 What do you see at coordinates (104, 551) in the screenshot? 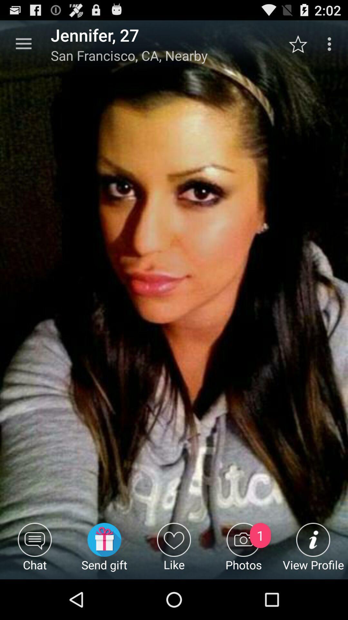
I see `the send gift icon` at bounding box center [104, 551].